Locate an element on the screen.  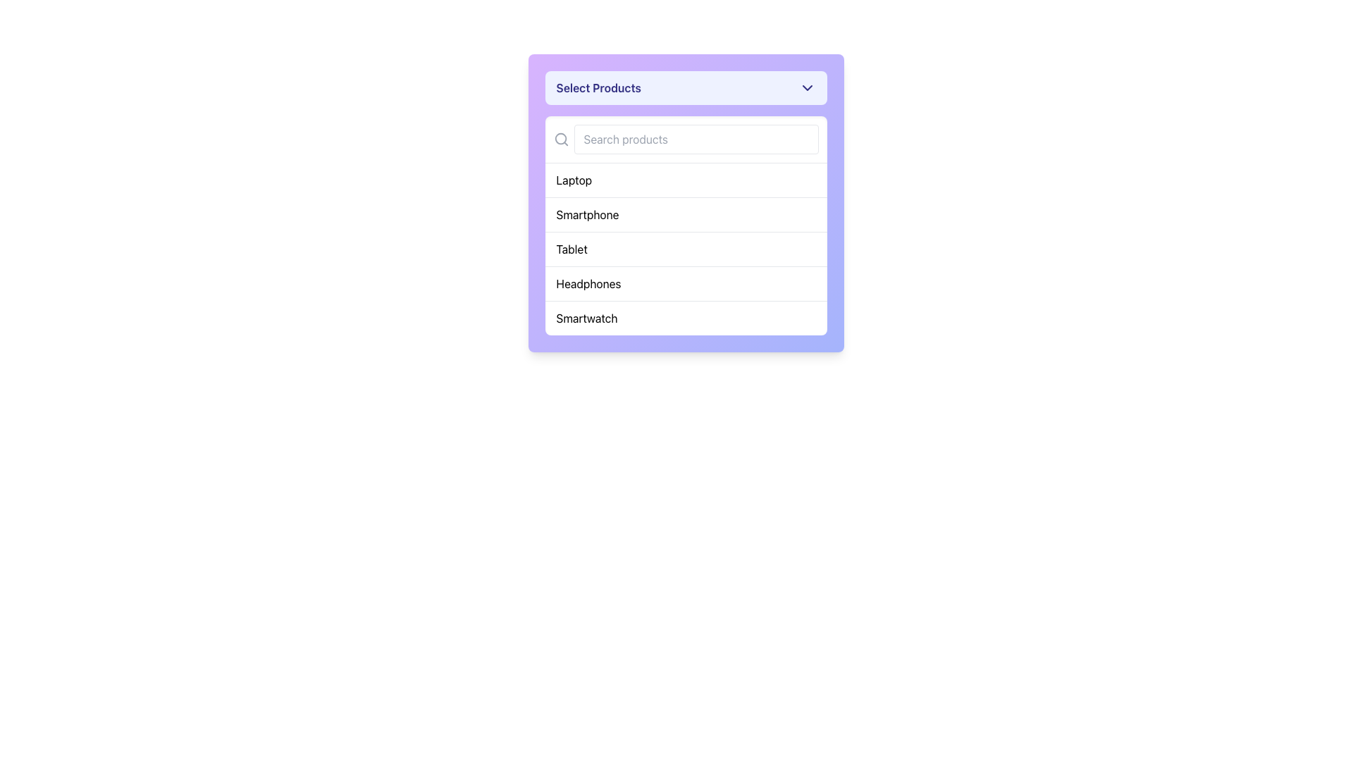
the 'Smartphone' dropdown list item is located at coordinates (686, 214).